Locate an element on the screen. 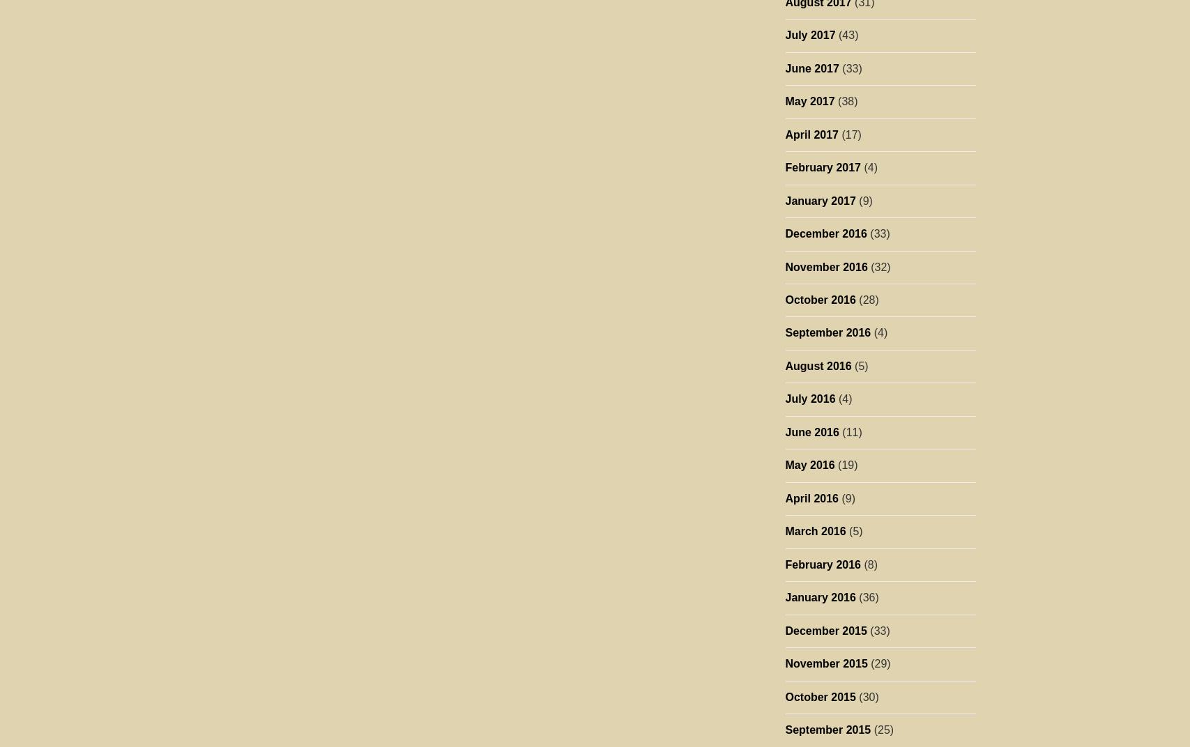 The width and height of the screenshot is (1190, 747). '(17)' is located at coordinates (848, 133).